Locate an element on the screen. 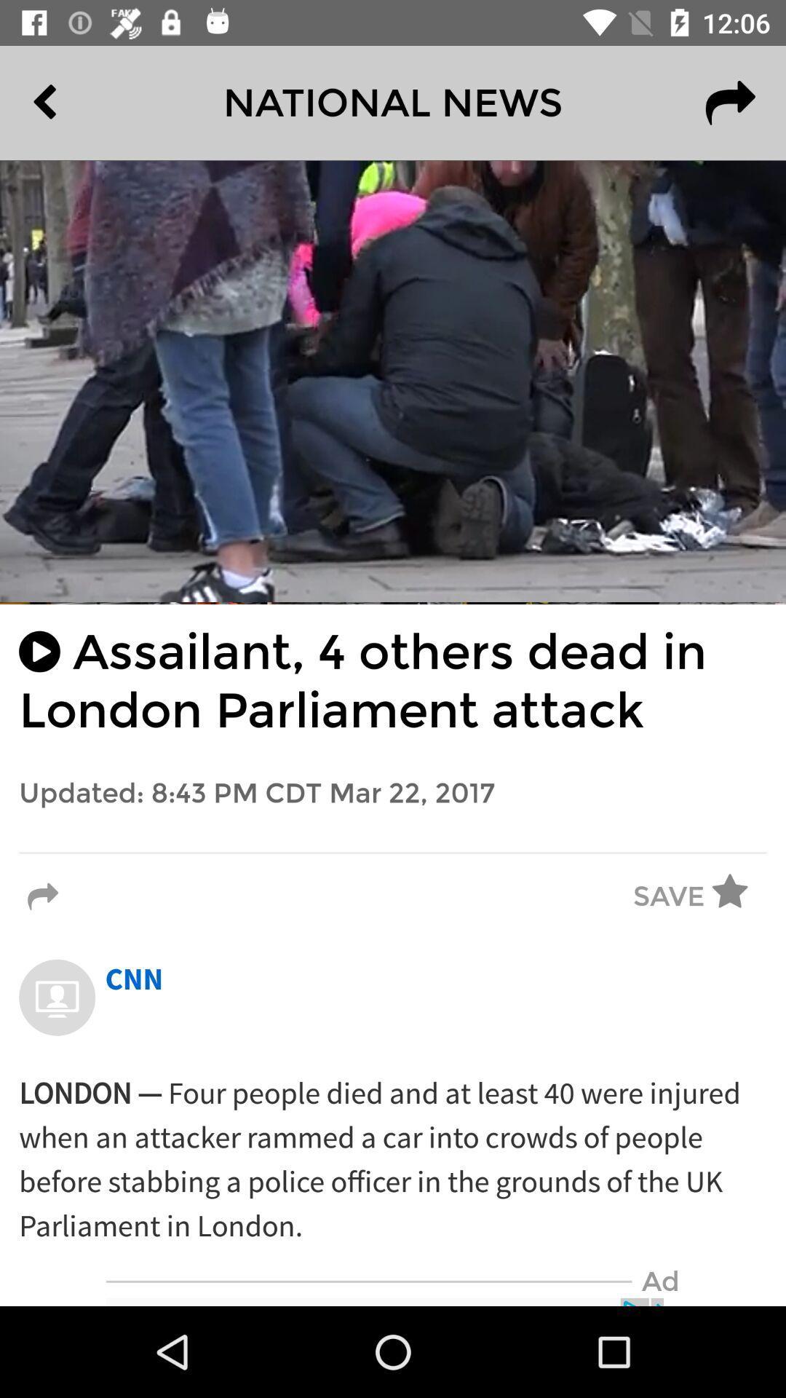 This screenshot has height=1398, width=786. the symbol which is right hand side of the text national news is located at coordinates (730, 102).